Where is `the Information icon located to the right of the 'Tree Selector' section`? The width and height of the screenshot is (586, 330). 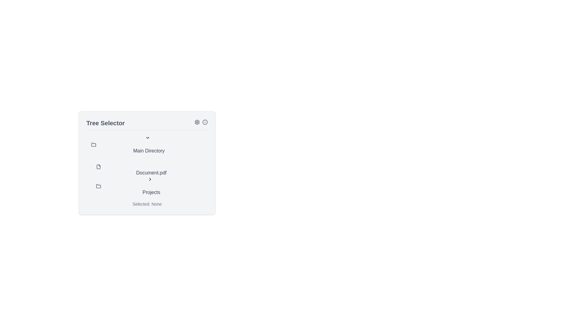
the Information icon located to the right of the 'Tree Selector' section is located at coordinates (201, 123).